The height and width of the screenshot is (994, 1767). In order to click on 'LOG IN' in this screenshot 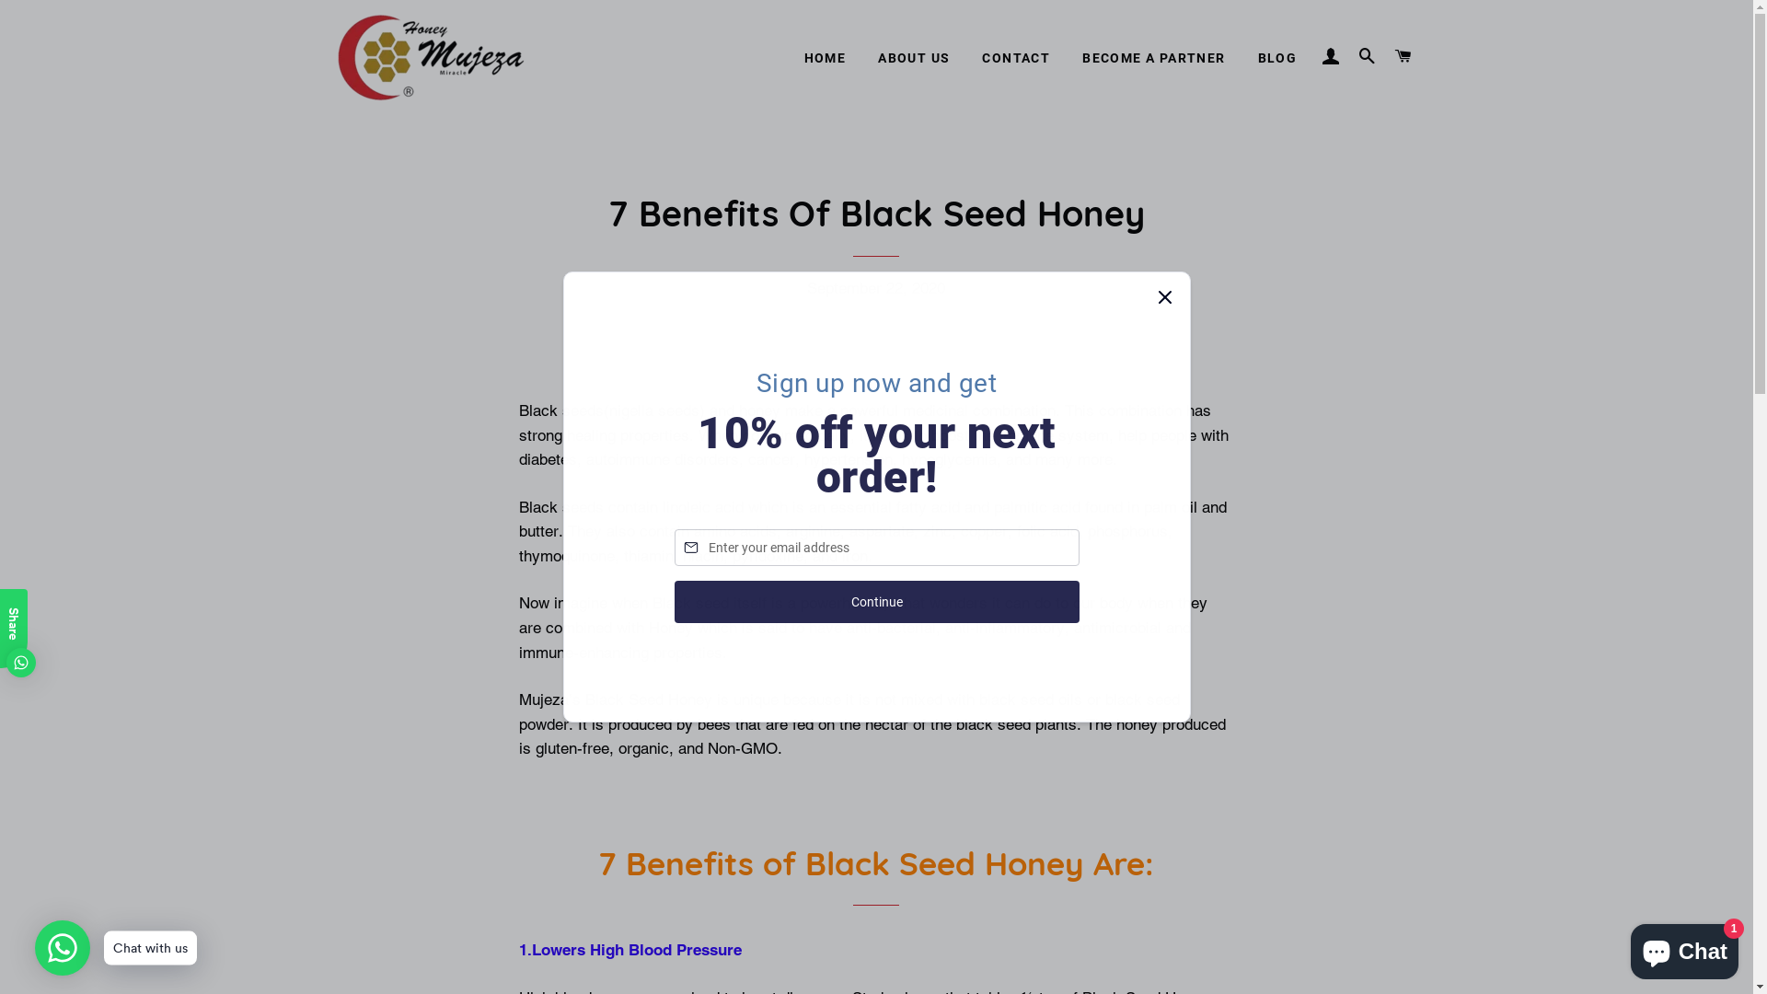, I will do `click(1330, 55)`.